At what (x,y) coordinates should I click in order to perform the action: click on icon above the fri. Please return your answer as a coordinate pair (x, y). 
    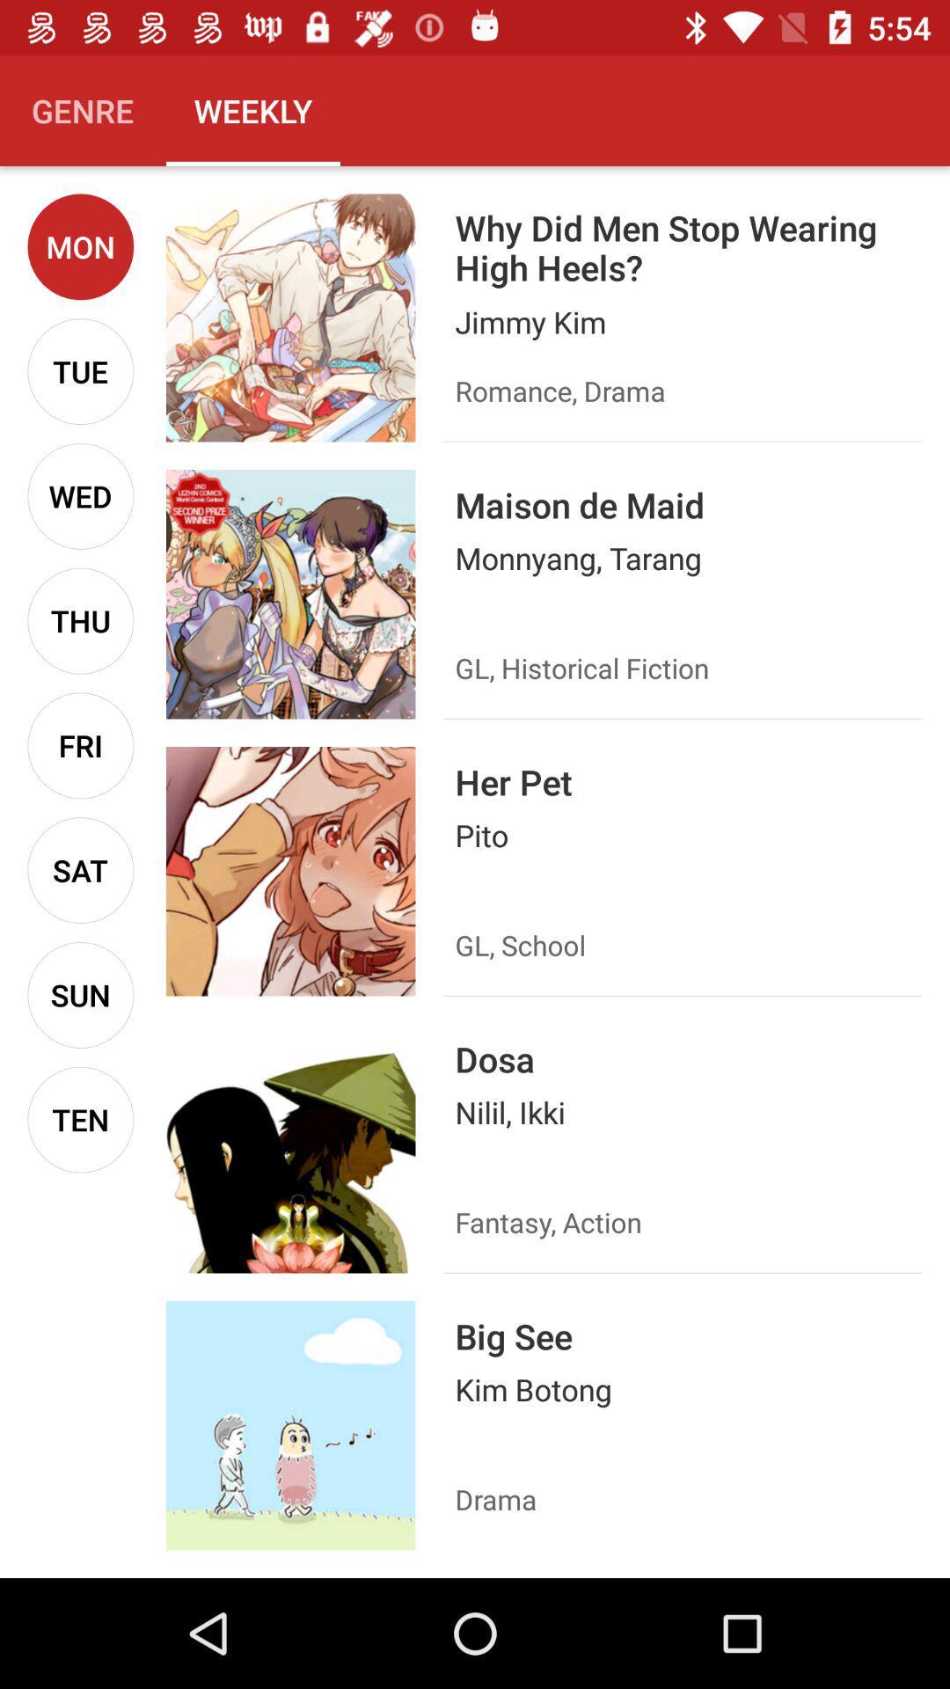
    Looking at the image, I should click on (80, 621).